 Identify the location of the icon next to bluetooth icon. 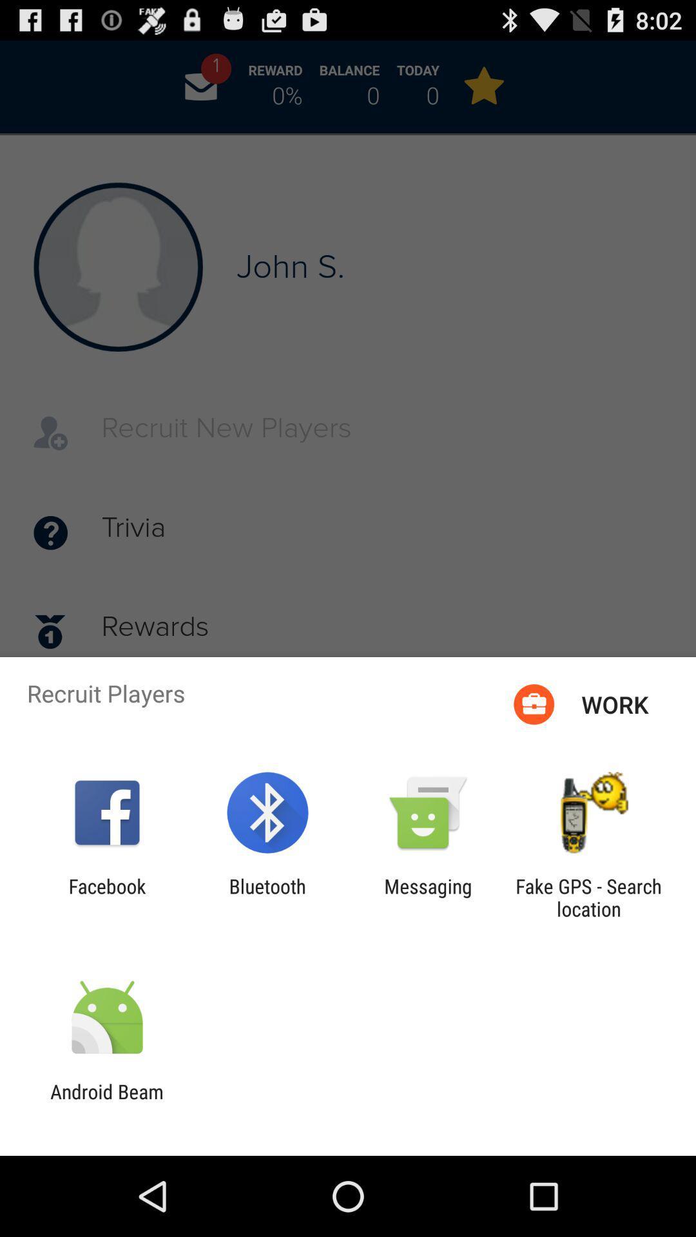
(106, 897).